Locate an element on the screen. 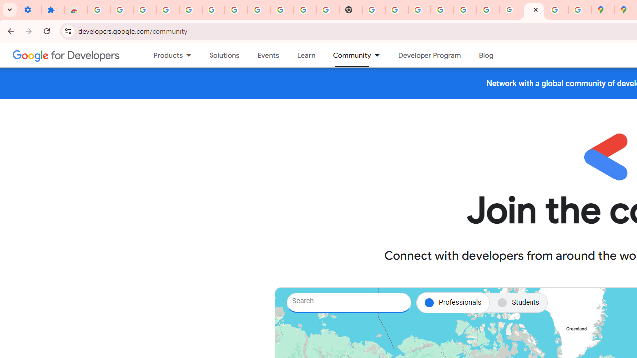 The height and width of the screenshot is (358, 637). 'Community, selected' is located at coordinates (347, 55).